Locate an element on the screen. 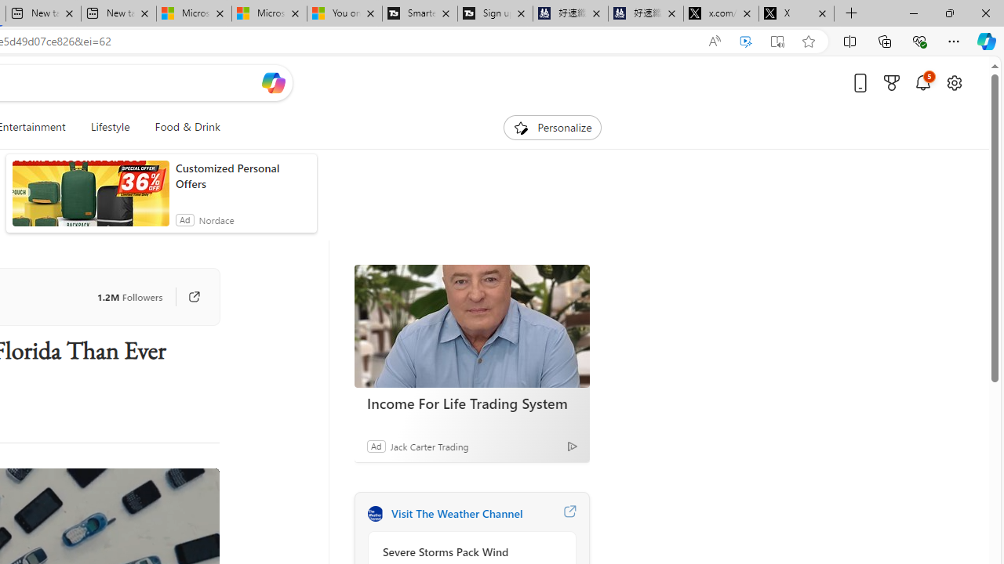  'Go to publisher' is located at coordinates (186, 297).